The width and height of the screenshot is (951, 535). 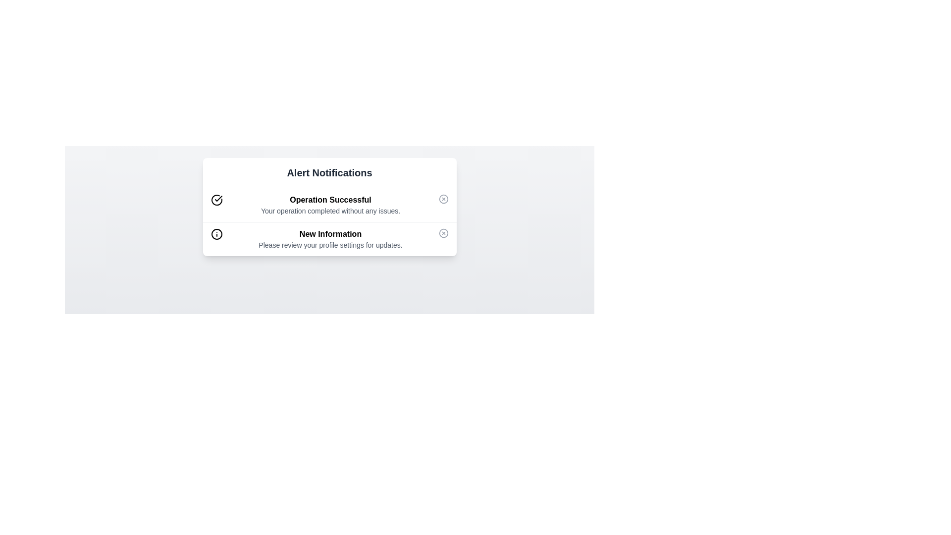 I want to click on the close button located at the top-right corner of the notification card, so click(x=443, y=199).